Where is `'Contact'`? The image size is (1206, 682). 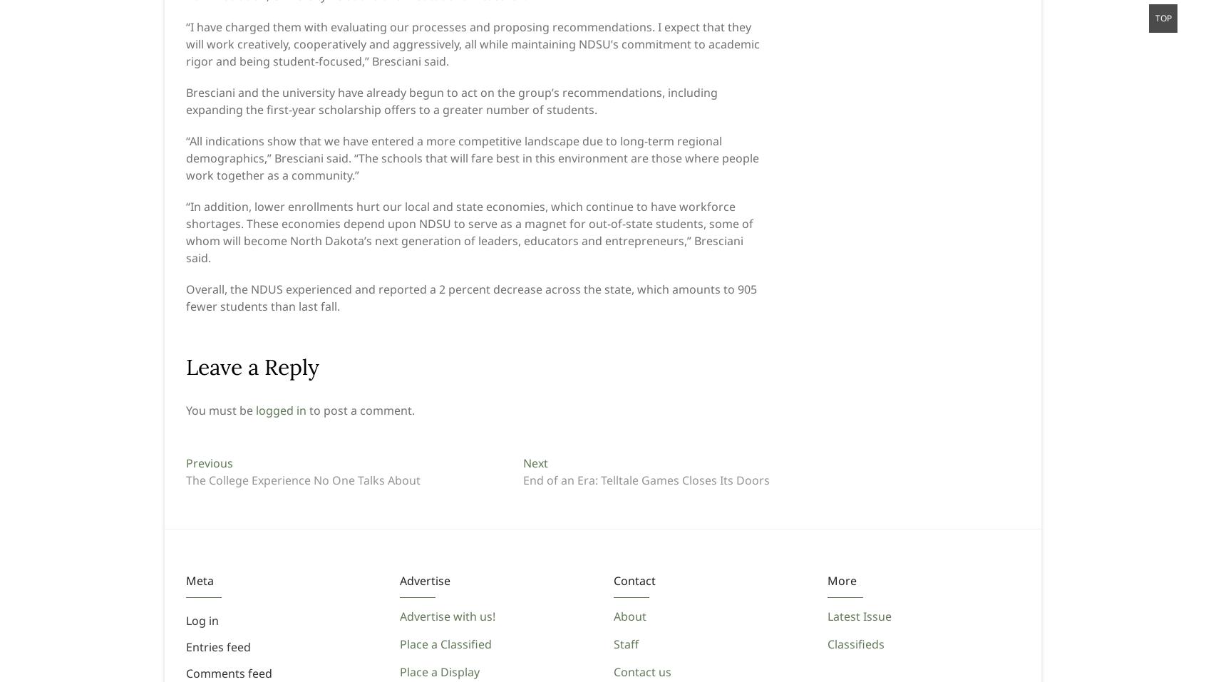 'Contact' is located at coordinates (634, 579).